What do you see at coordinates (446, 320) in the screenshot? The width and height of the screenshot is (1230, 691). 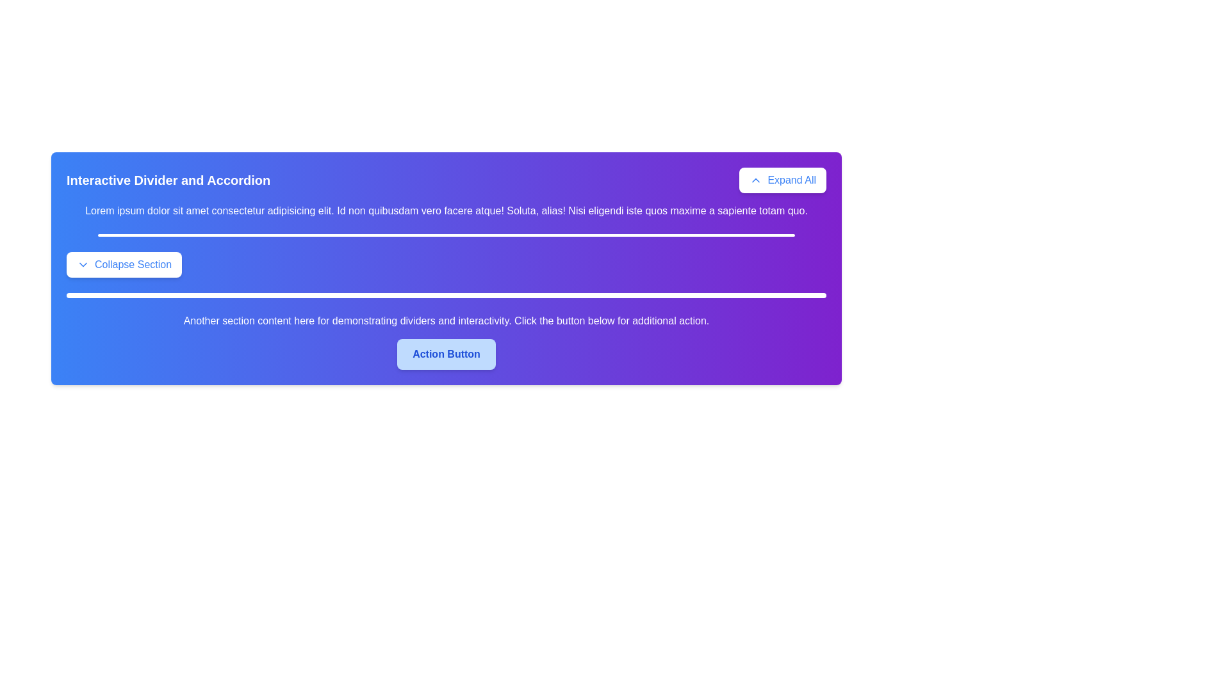 I see `descriptive paragraph text element located within a blue-purple gradient box, positioned directly above the 'Action Button' and below a white horizontal divider line` at bounding box center [446, 320].